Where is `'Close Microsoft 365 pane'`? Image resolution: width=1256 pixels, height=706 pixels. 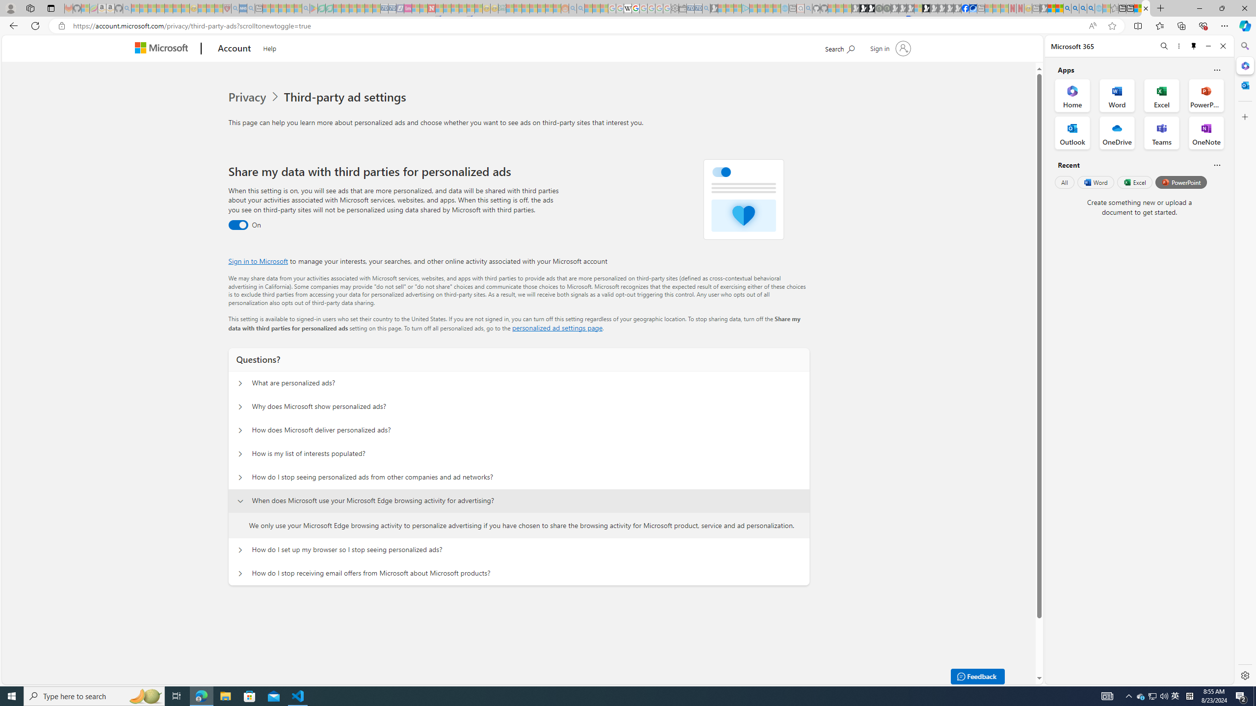
'Close Microsoft 365 pane' is located at coordinates (1244, 66).